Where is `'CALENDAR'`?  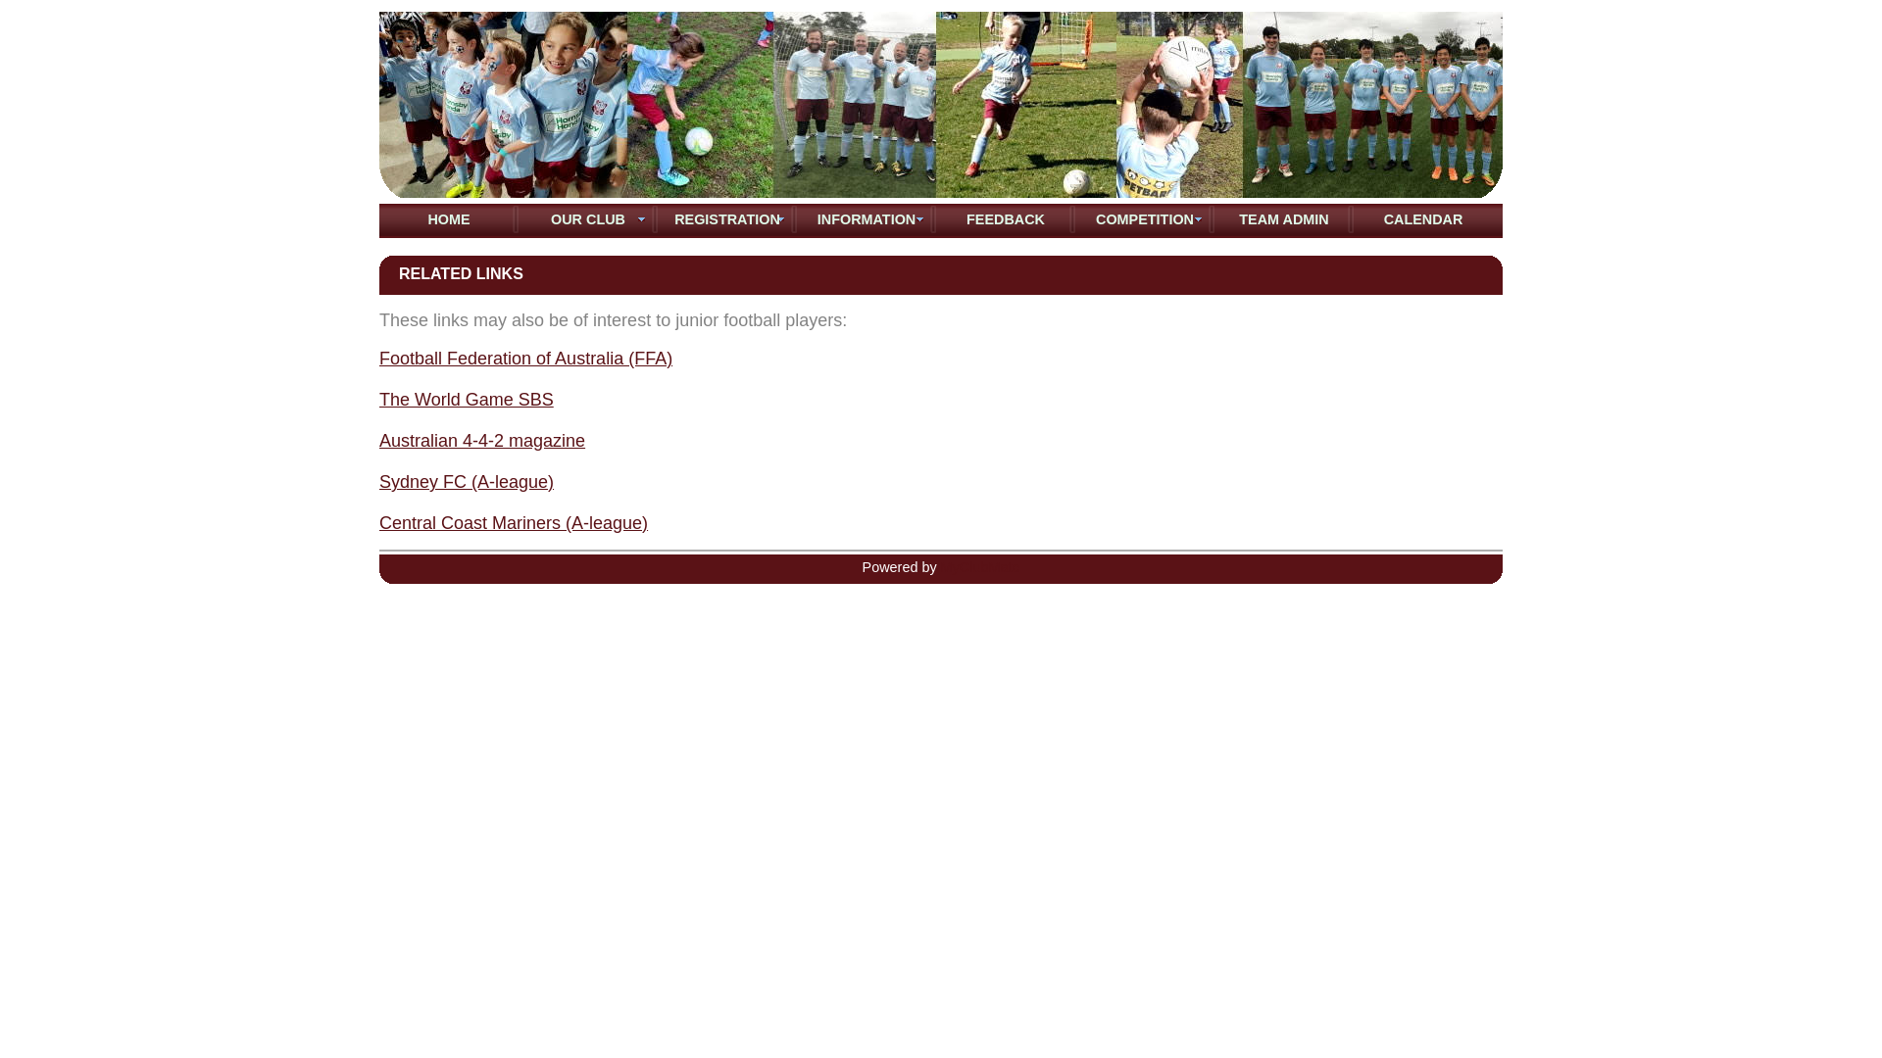 'CALENDAR' is located at coordinates (1353, 218).